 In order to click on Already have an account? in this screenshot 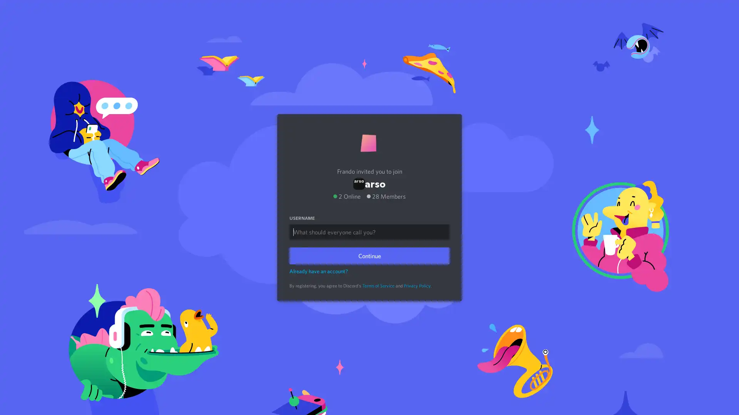, I will do `click(319, 271)`.